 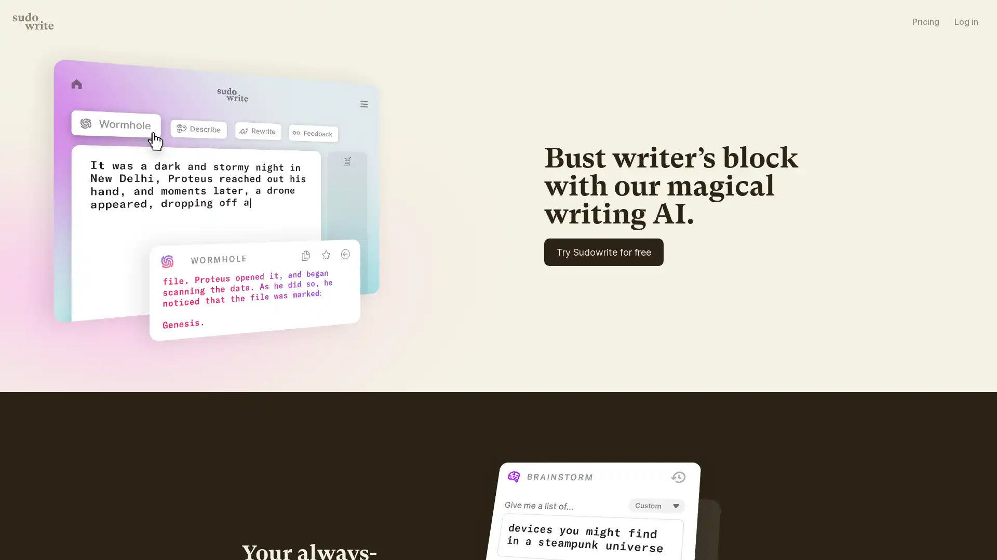 I want to click on Try Sudowrite for free, so click(x=645, y=285).